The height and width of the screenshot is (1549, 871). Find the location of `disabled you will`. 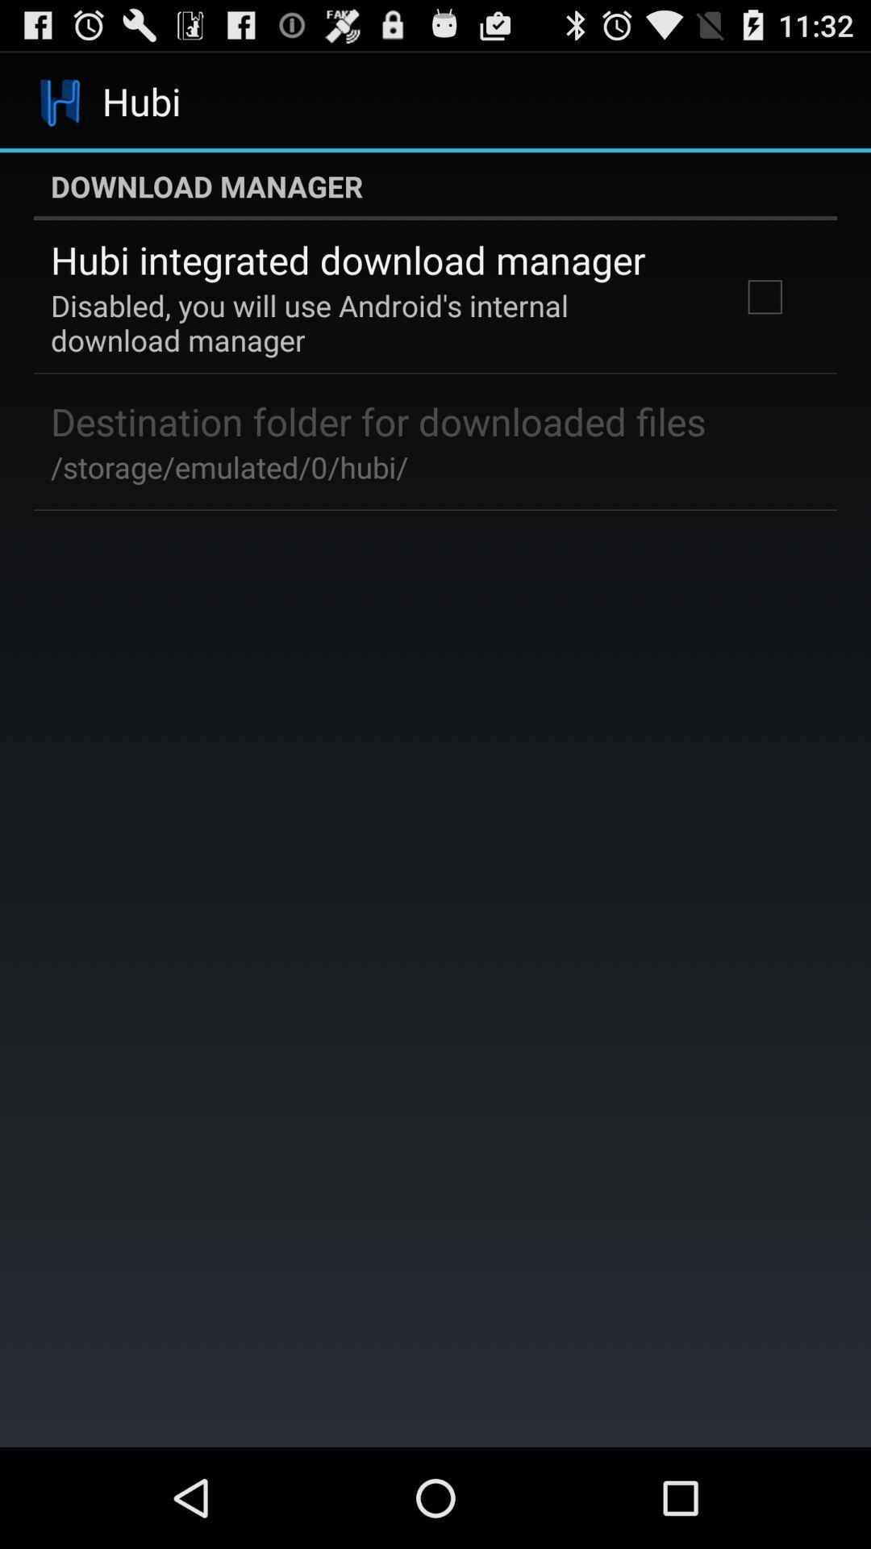

disabled you will is located at coordinates (373, 323).